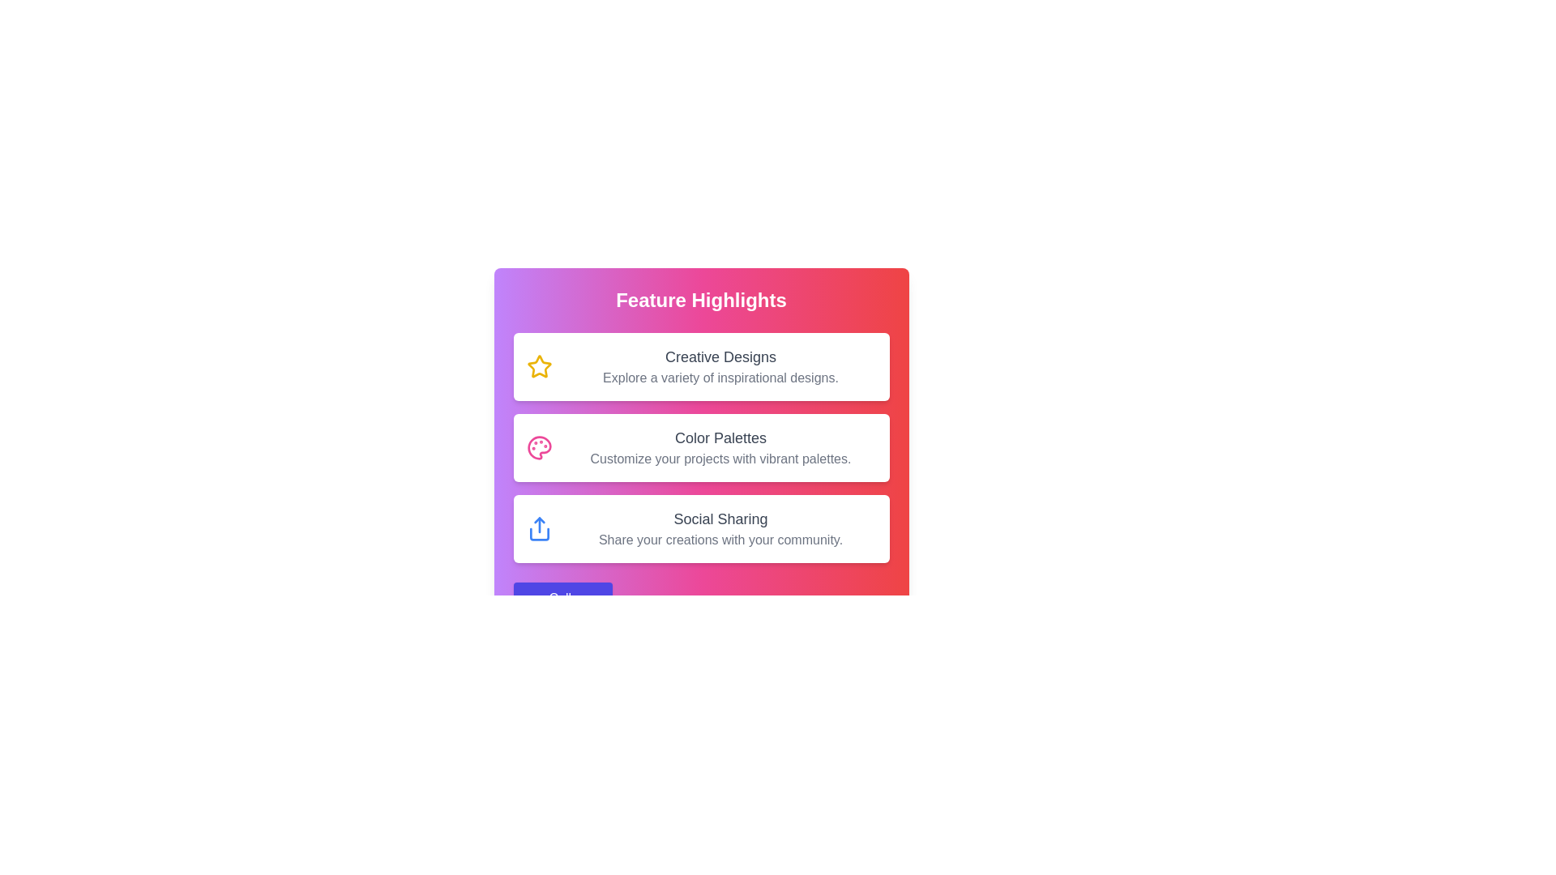 The image size is (1556, 875). Describe the element at coordinates (720, 356) in the screenshot. I see `the descriptive title text label that identifies the content beneath it, situated above the subtitle 'Explore a variety of inspirational designs'` at that location.